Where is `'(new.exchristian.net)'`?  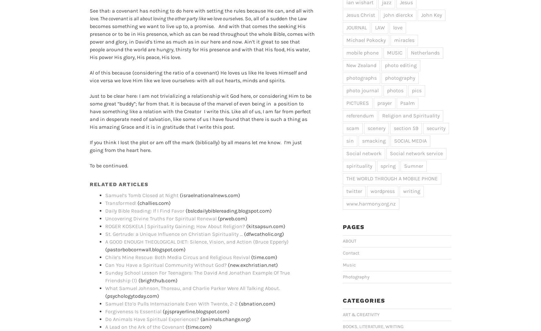 '(new.exchristian.net)' is located at coordinates (252, 264).